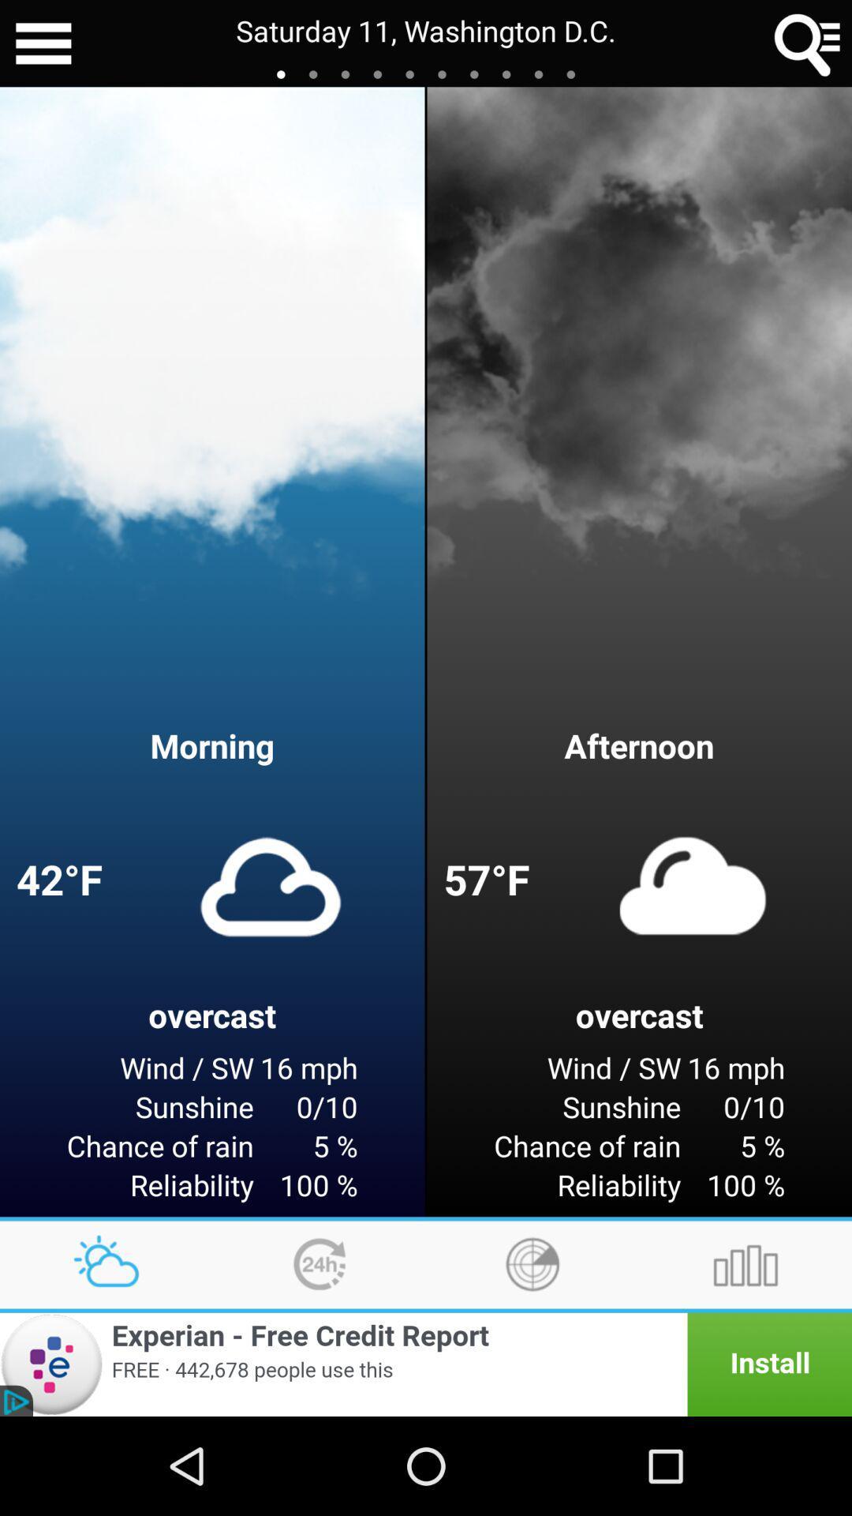  What do you see at coordinates (808, 43) in the screenshot?
I see `search` at bounding box center [808, 43].